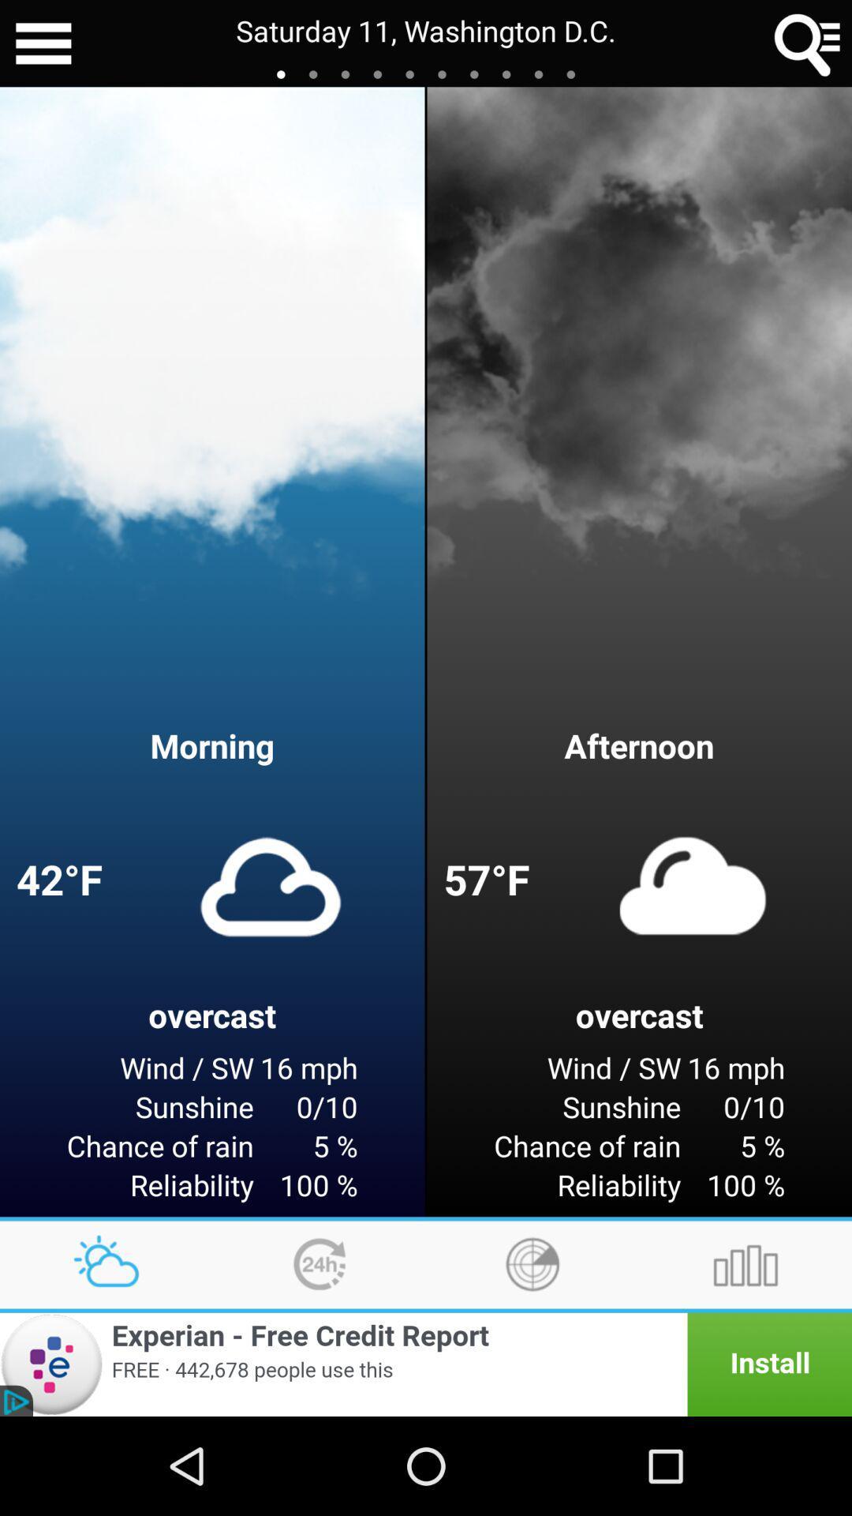  What do you see at coordinates (808, 43) in the screenshot?
I see `search` at bounding box center [808, 43].